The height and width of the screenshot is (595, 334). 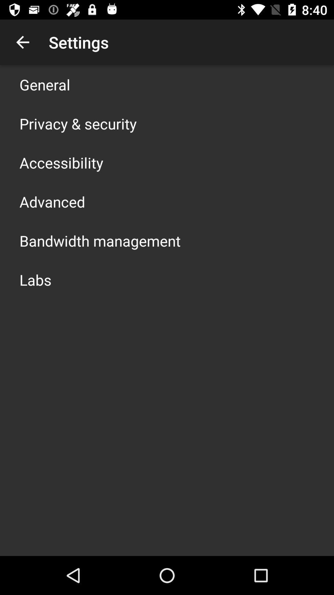 I want to click on labs app, so click(x=35, y=279).